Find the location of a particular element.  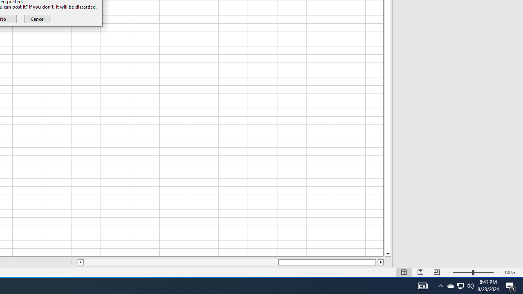

'Action Center, 5 new notifications' is located at coordinates (511, 285).